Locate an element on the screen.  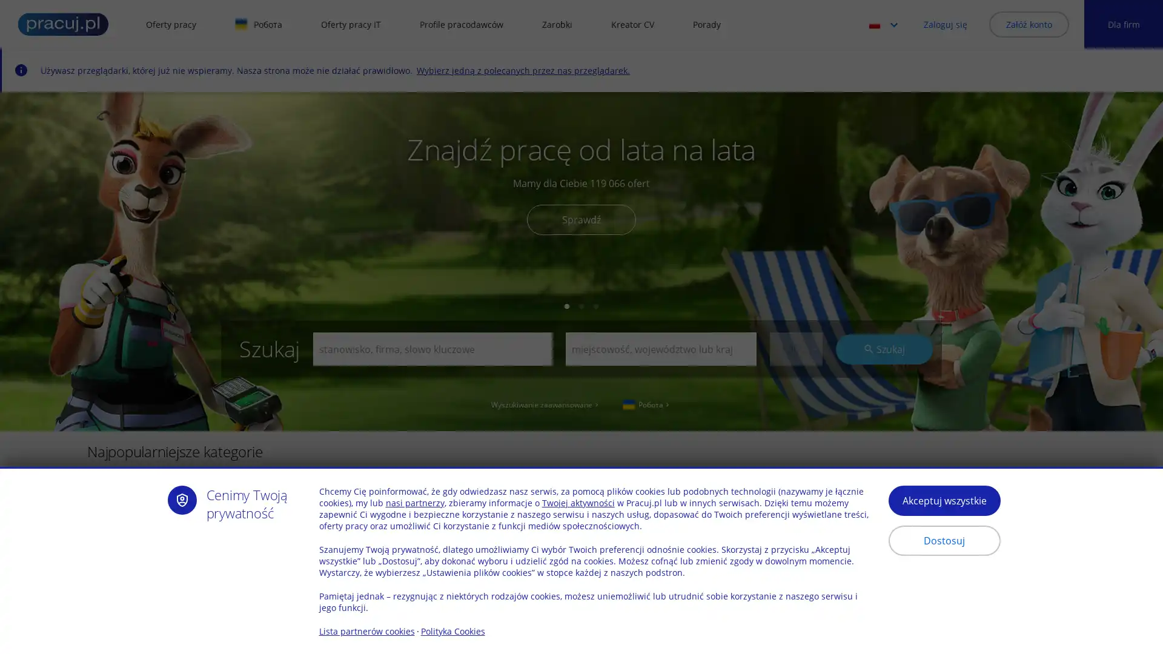
pl is located at coordinates (887, 24).